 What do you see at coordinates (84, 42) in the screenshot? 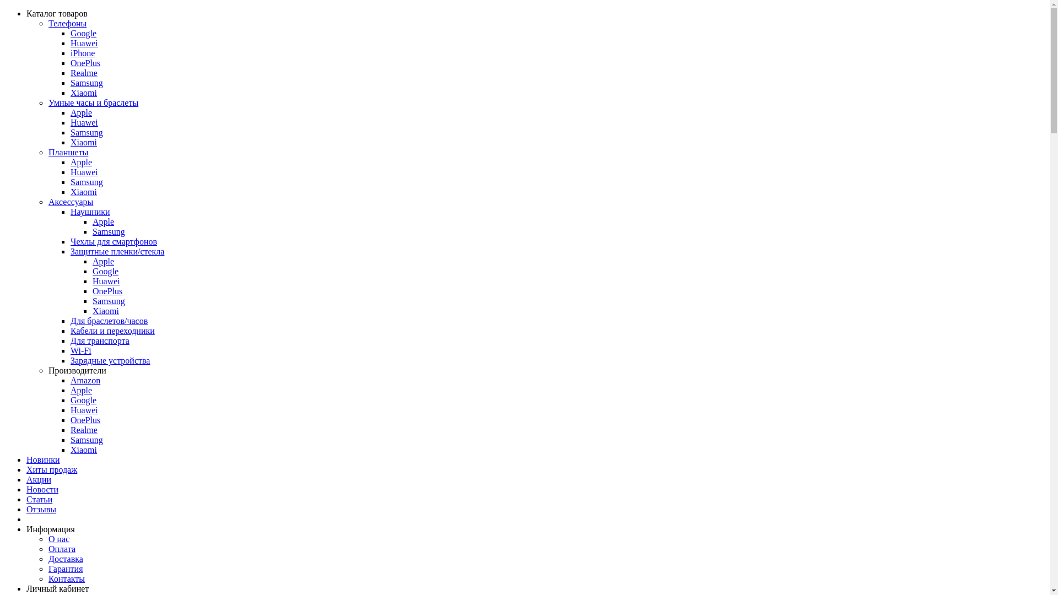
I see `'Huawei'` at bounding box center [84, 42].